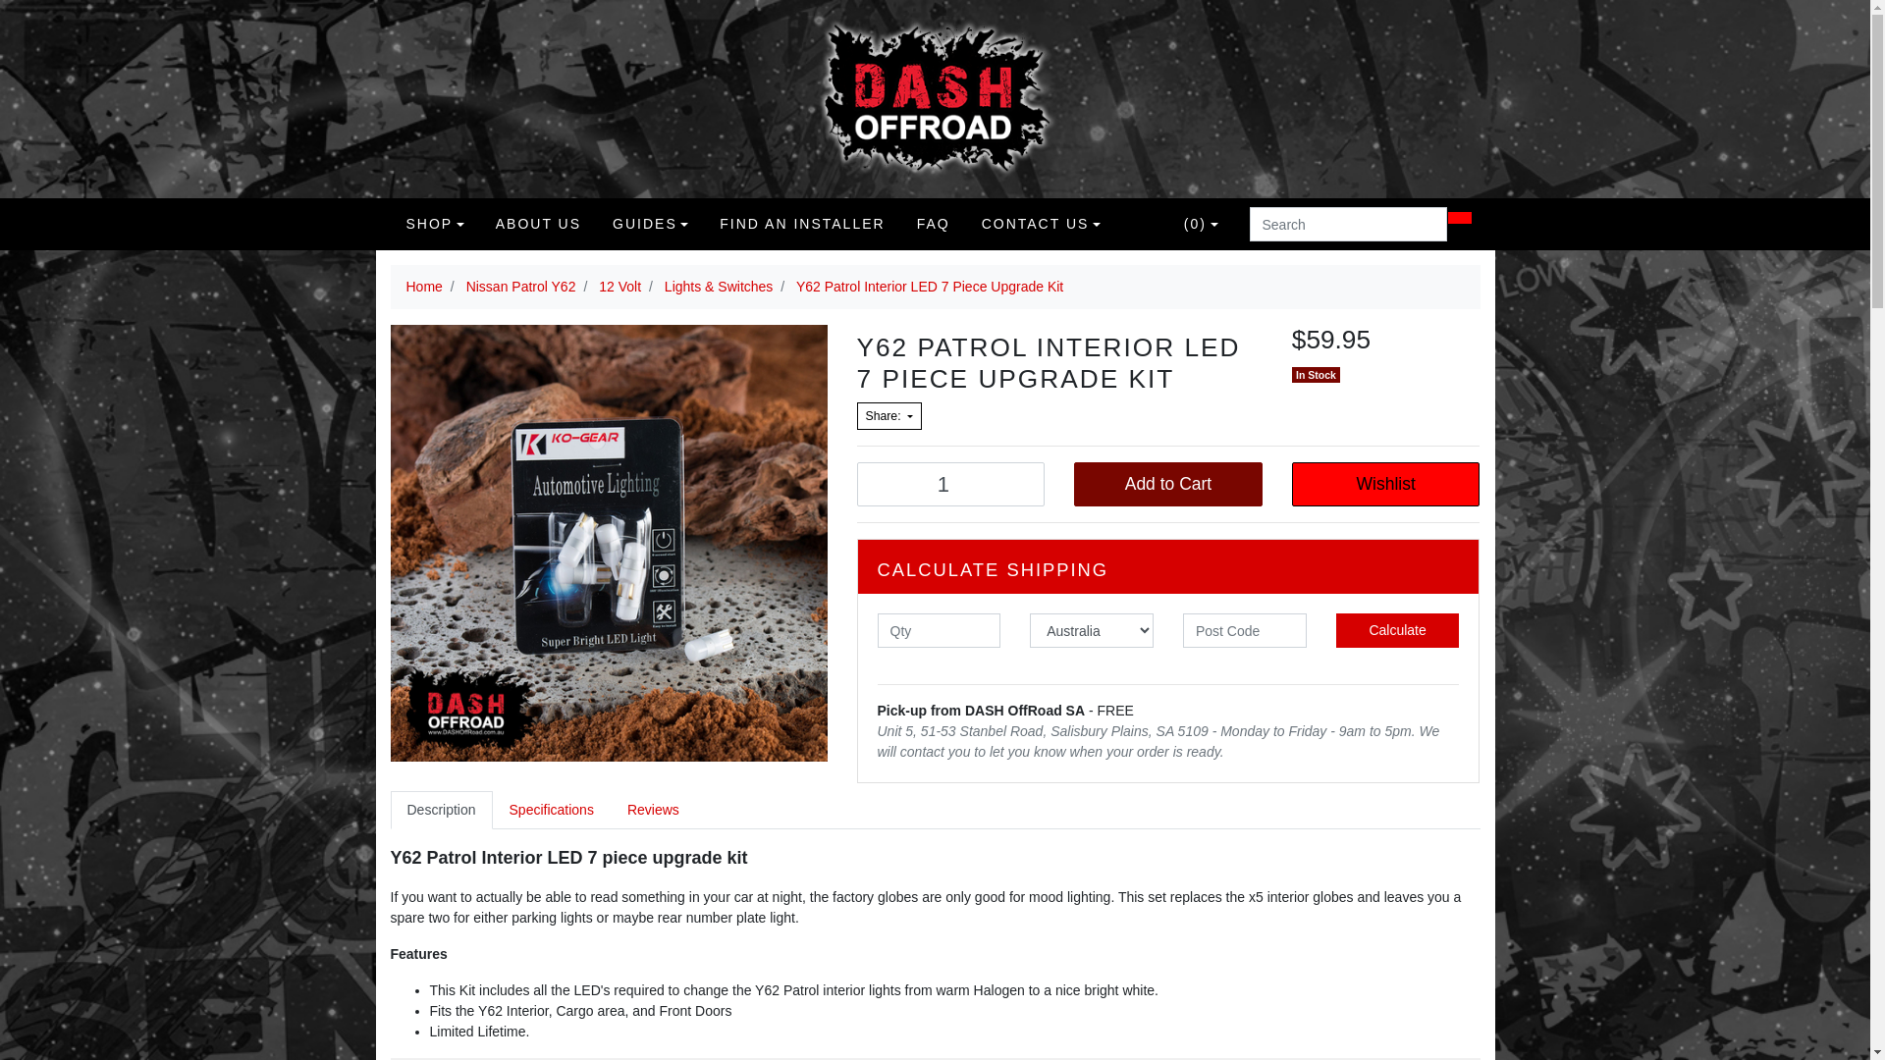  I want to click on '12 Volt', so click(619, 287).